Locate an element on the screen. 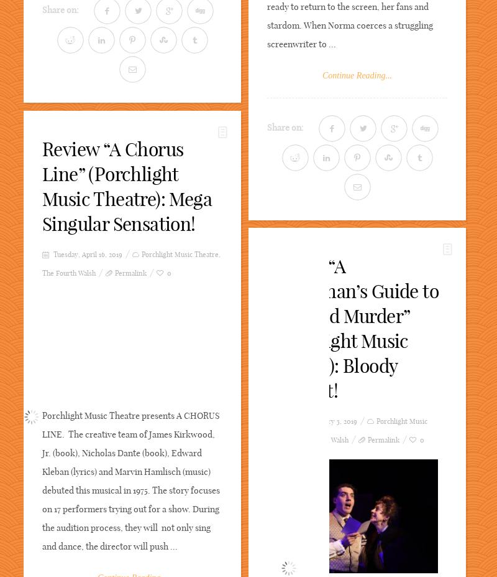 This screenshot has width=497, height=577. 'Tuesday, April 16, 2019' is located at coordinates (87, 254).